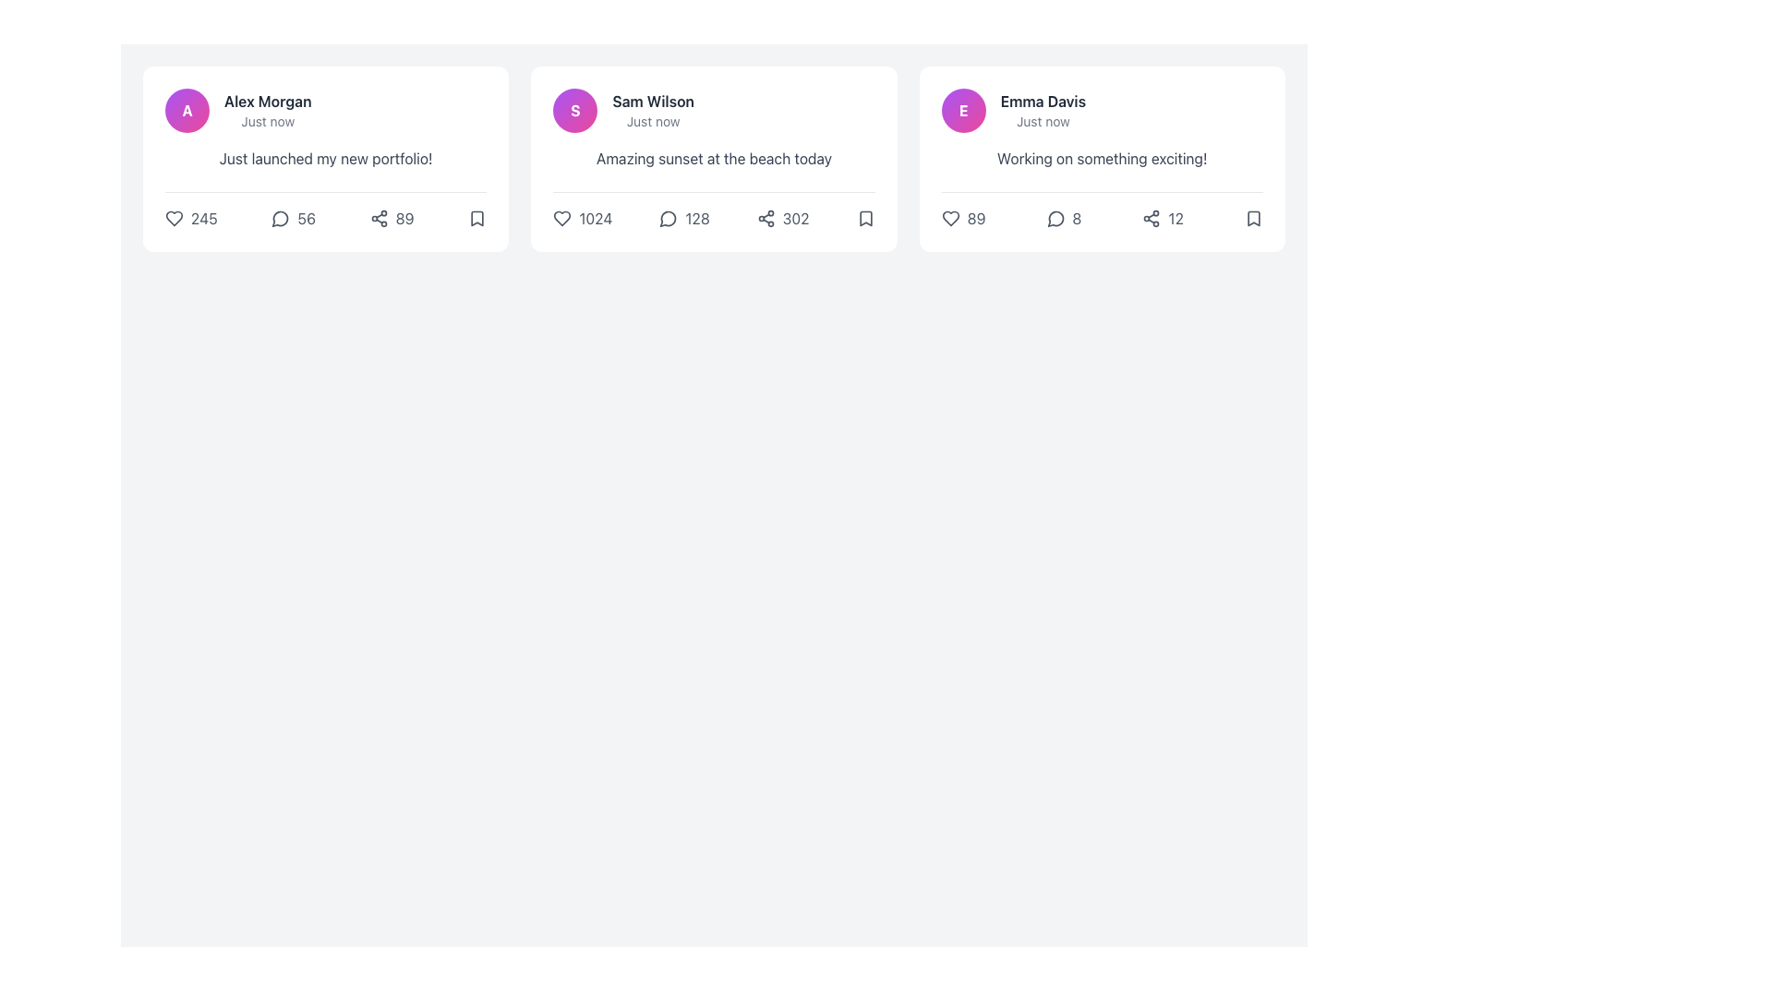 The image size is (1773, 997). I want to click on the heart-shaped icon below the first post to like the post, so click(174, 217).